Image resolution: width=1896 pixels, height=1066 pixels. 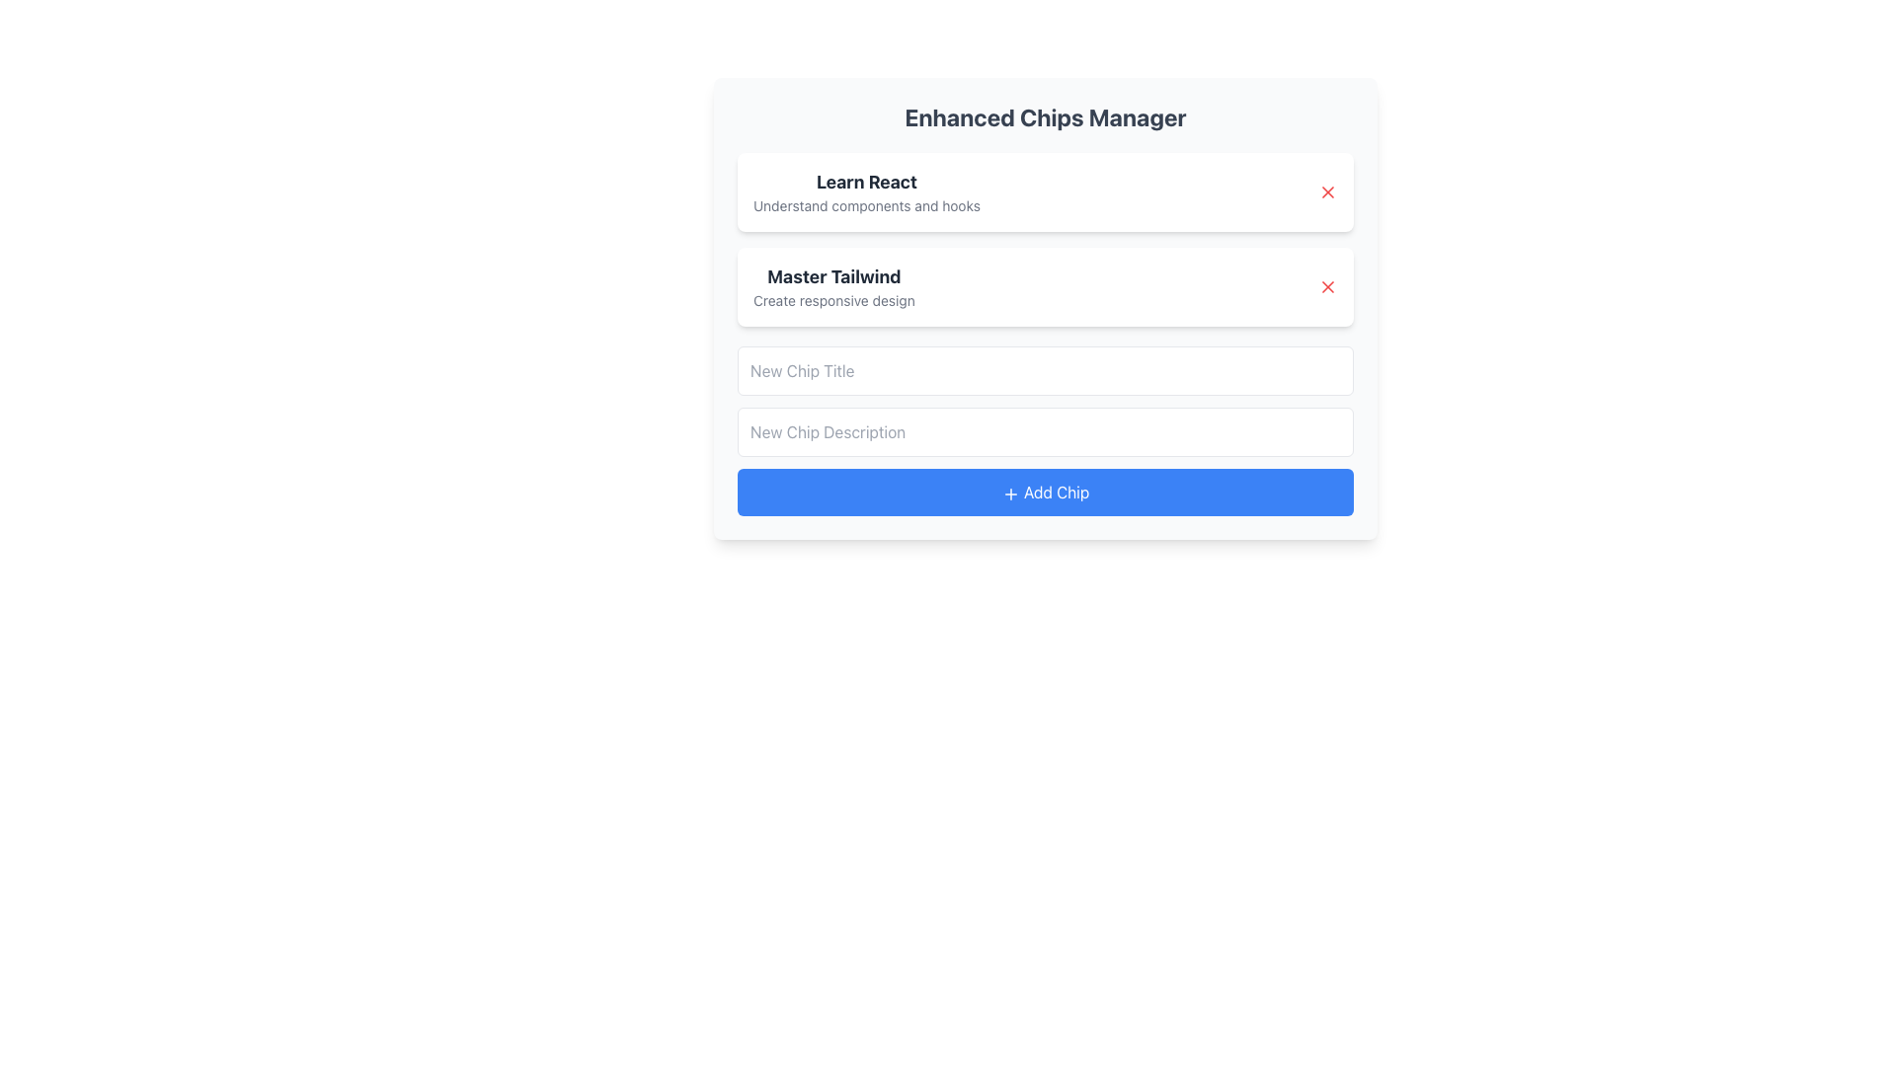 I want to click on the delete button/icon located at the right edge of the 'Master Tailwind' card, so click(x=1327, y=286).